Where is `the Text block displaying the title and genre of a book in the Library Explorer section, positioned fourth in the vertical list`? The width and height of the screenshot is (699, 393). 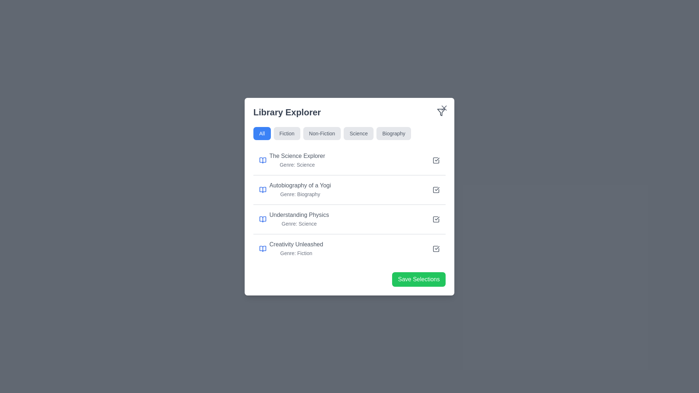 the Text block displaying the title and genre of a book in the Library Explorer section, positioned fourth in the vertical list is located at coordinates (296, 248).